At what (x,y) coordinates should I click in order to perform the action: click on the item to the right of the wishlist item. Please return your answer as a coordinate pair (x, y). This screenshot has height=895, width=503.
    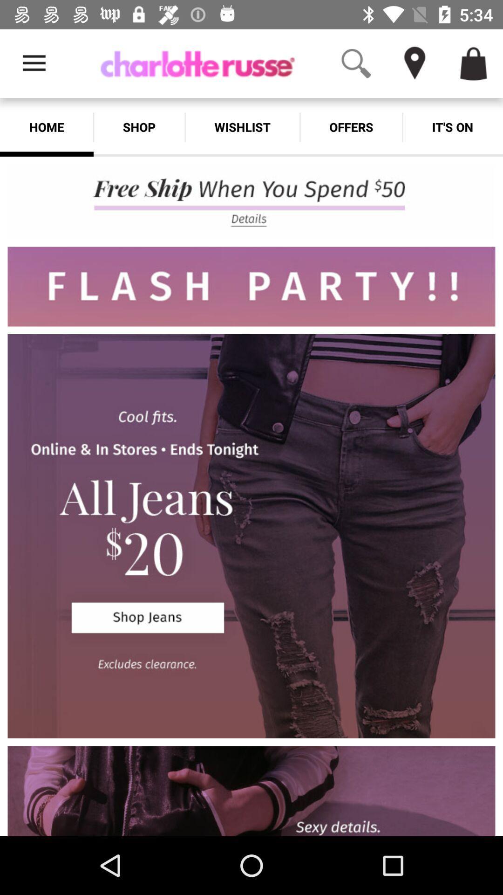
    Looking at the image, I should click on (351, 127).